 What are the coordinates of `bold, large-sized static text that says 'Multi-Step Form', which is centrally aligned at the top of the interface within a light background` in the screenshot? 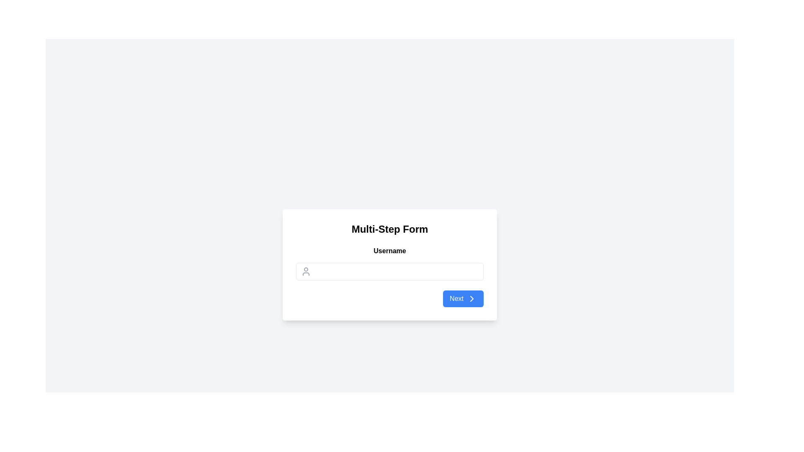 It's located at (389, 229).